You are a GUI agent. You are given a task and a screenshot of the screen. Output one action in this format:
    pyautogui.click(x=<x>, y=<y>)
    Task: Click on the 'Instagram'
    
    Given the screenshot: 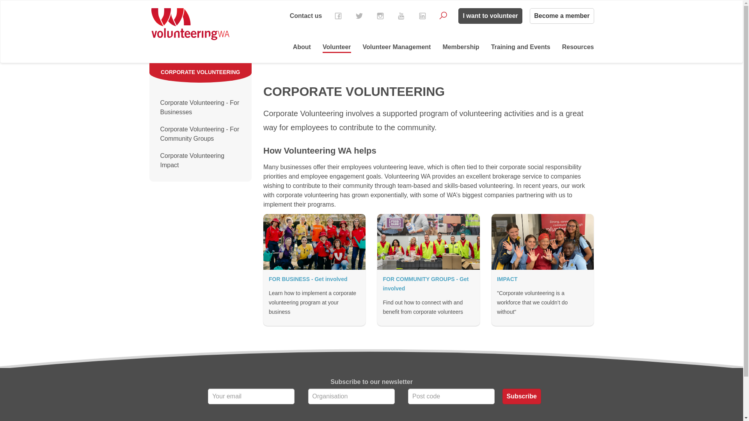 What is the action you would take?
    pyautogui.click(x=380, y=16)
    